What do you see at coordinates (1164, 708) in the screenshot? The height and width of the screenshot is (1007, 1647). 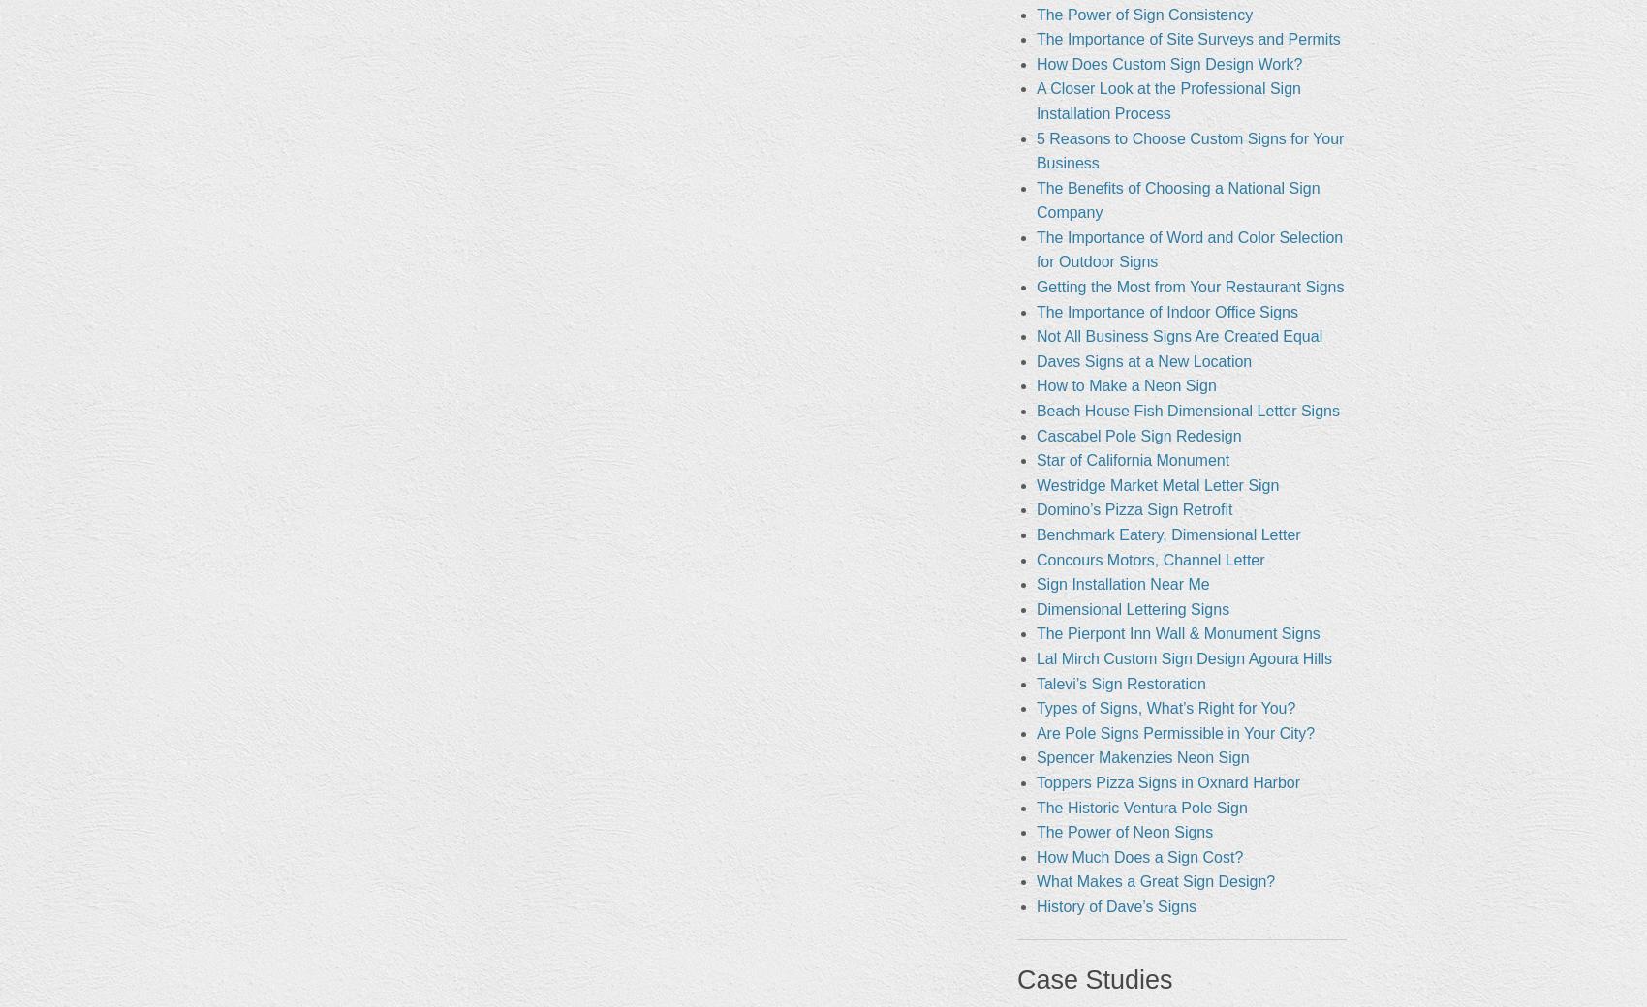 I see `'Types of Signs, What’s Right for You?'` at bounding box center [1164, 708].